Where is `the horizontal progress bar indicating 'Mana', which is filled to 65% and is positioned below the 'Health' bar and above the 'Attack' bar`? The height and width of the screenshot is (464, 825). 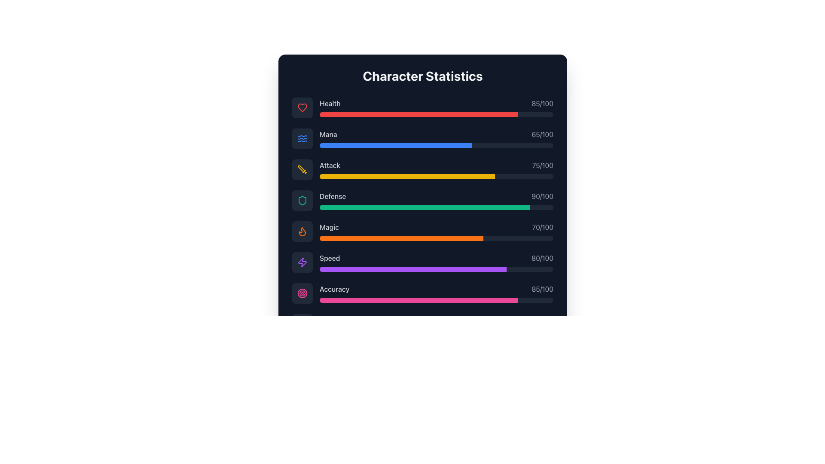 the horizontal progress bar indicating 'Mana', which is filled to 65% and is positioned below the 'Health' bar and above the 'Attack' bar is located at coordinates (437, 145).